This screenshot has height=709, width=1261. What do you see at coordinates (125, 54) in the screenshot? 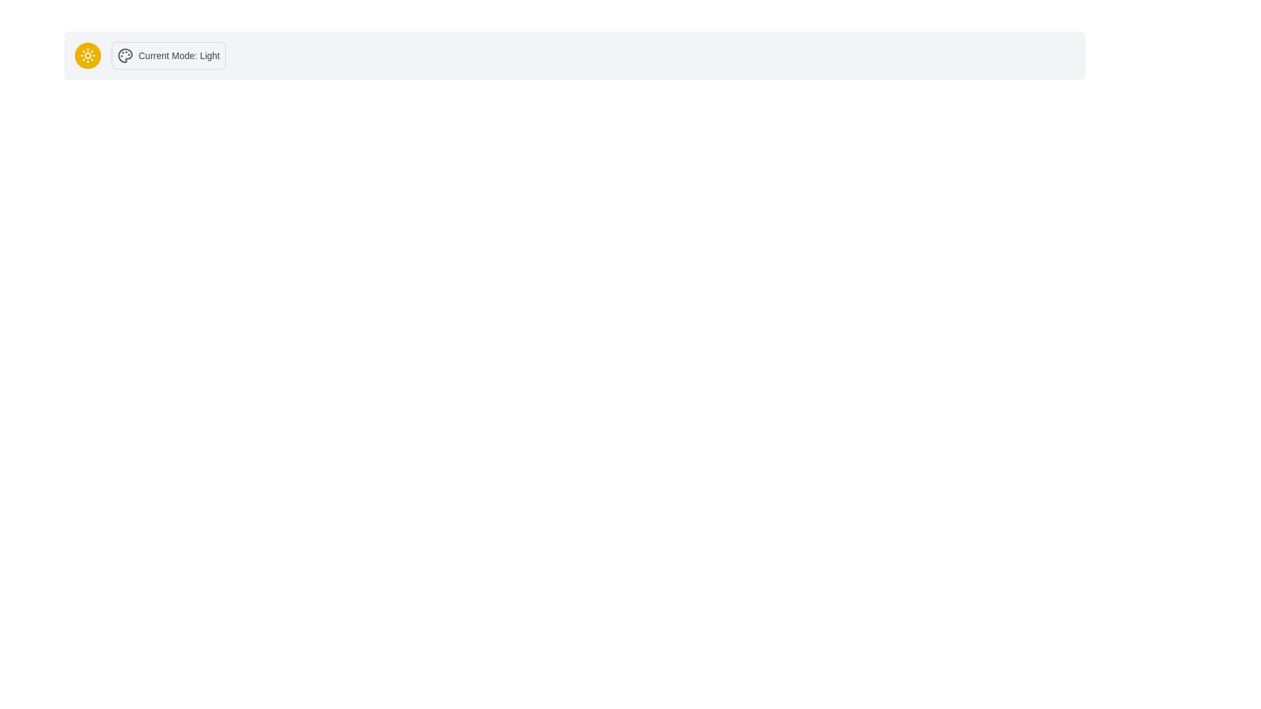
I see `the gray painter's palette icon with four circular shapes, located to the left of the text 'Current Mode: Light'` at bounding box center [125, 54].